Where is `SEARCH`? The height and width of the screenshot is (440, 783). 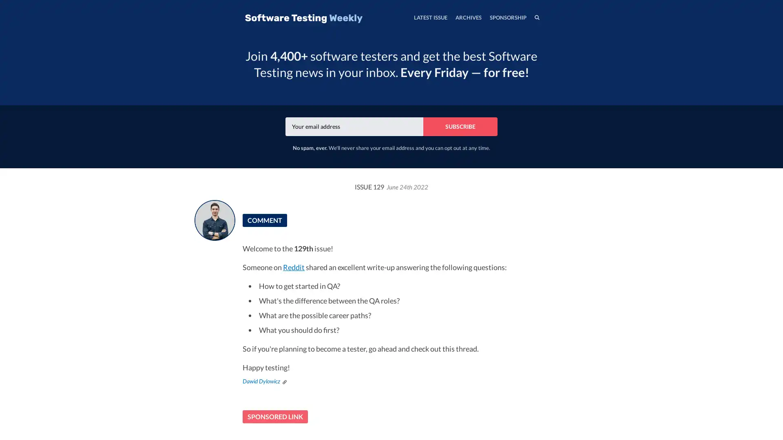 SEARCH is located at coordinates (520, 17).